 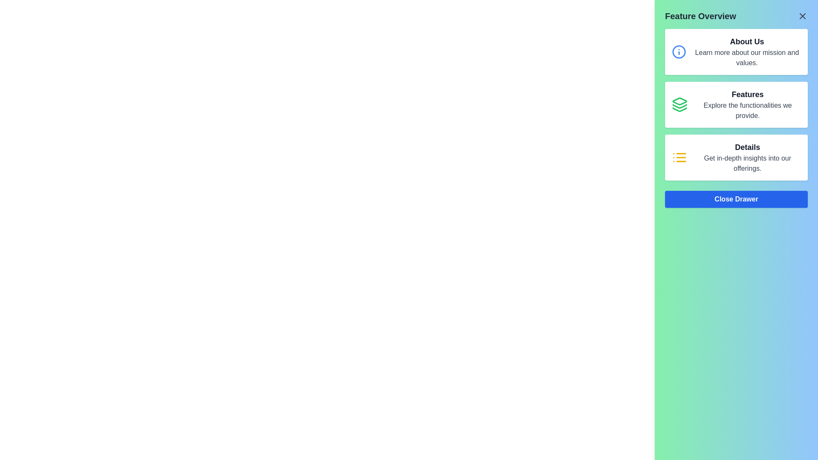 What do you see at coordinates (746, 57) in the screenshot?
I see `description text label located directly below the 'About Us' header in the top card of the feature overview drawer` at bounding box center [746, 57].